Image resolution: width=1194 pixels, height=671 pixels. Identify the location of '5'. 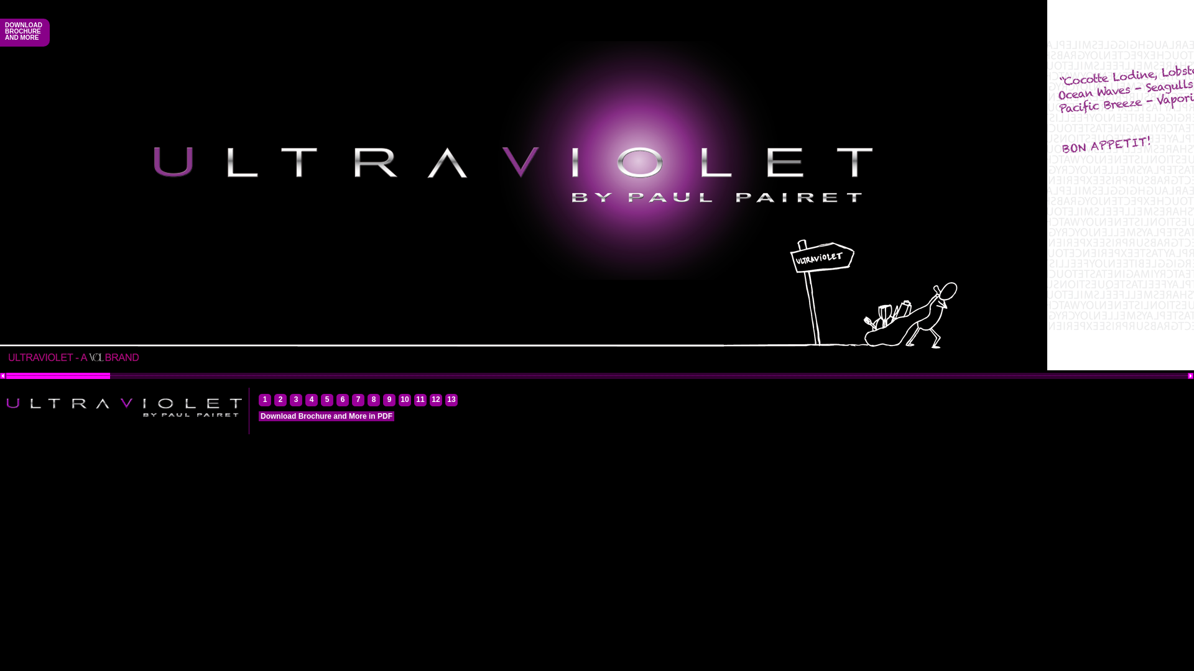
(327, 400).